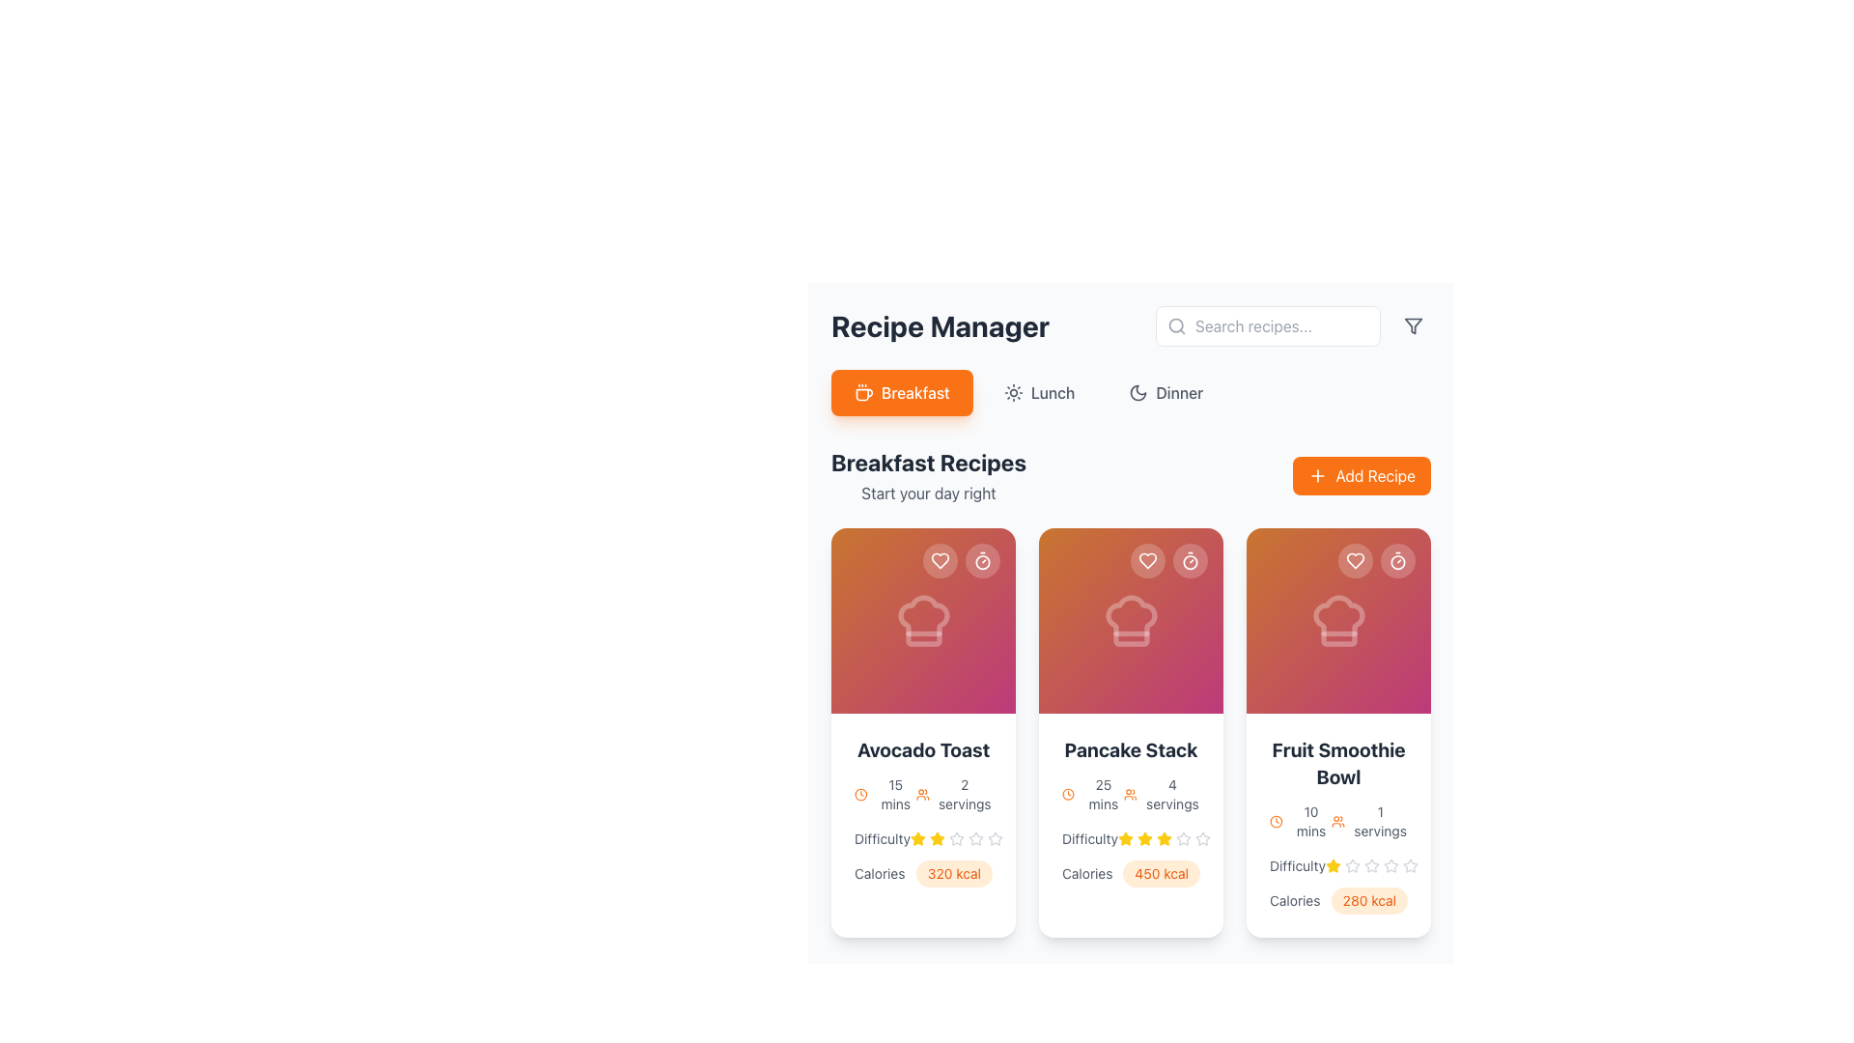 The width and height of the screenshot is (1854, 1043). Describe the element at coordinates (1103, 794) in the screenshot. I see `the non-interactive text label that informs users of the estimated preparation time for the 'Pancake Stack' recipe, located below the orange clock icon` at that location.